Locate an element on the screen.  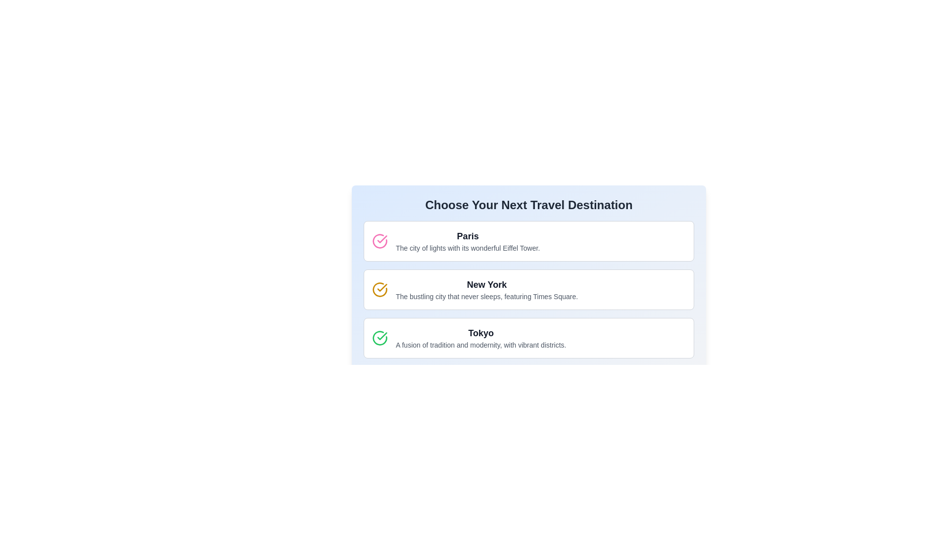
the informational text block that provides information about New York, located centrally in the 'Choose Your Next Travel Destination' section, which is the second option in a list of three is located at coordinates (486, 289).